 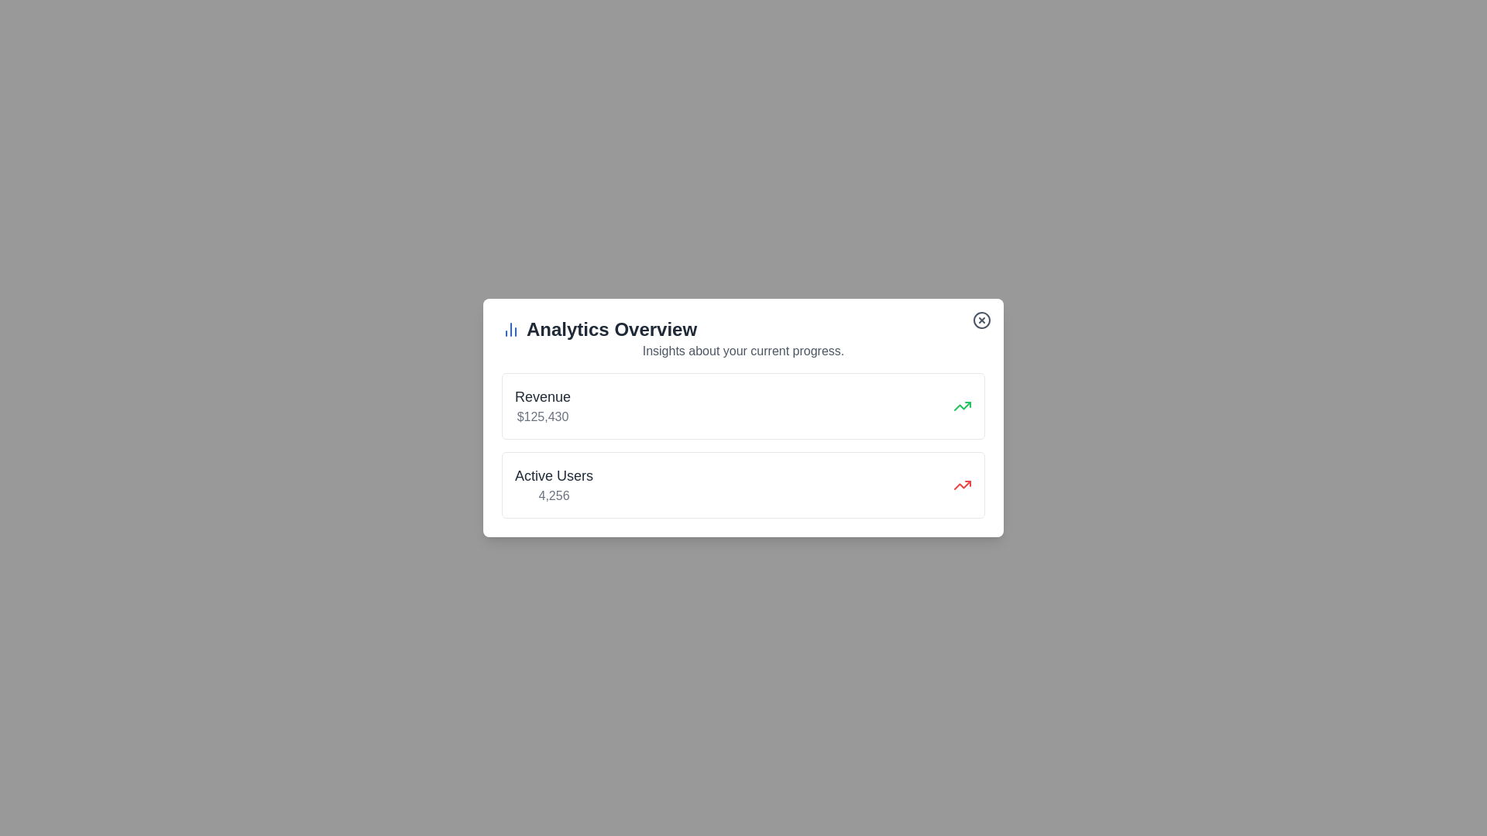 What do you see at coordinates (554, 495) in the screenshot?
I see `the light gray text label displaying the number '4,256' located below the 'Active Users' label in the 'Analytics Overview' section` at bounding box center [554, 495].